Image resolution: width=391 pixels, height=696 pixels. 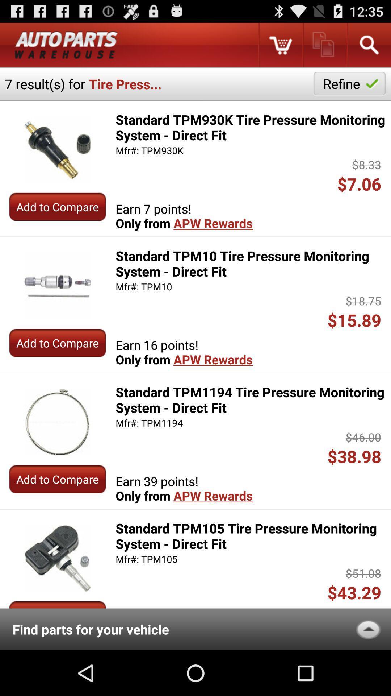 I want to click on the copy icon, so click(x=324, y=47).